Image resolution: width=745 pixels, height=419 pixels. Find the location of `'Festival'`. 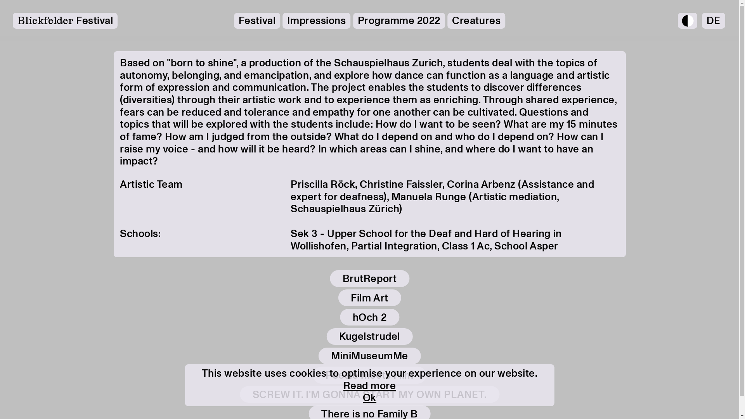

'Festival' is located at coordinates (257, 20).